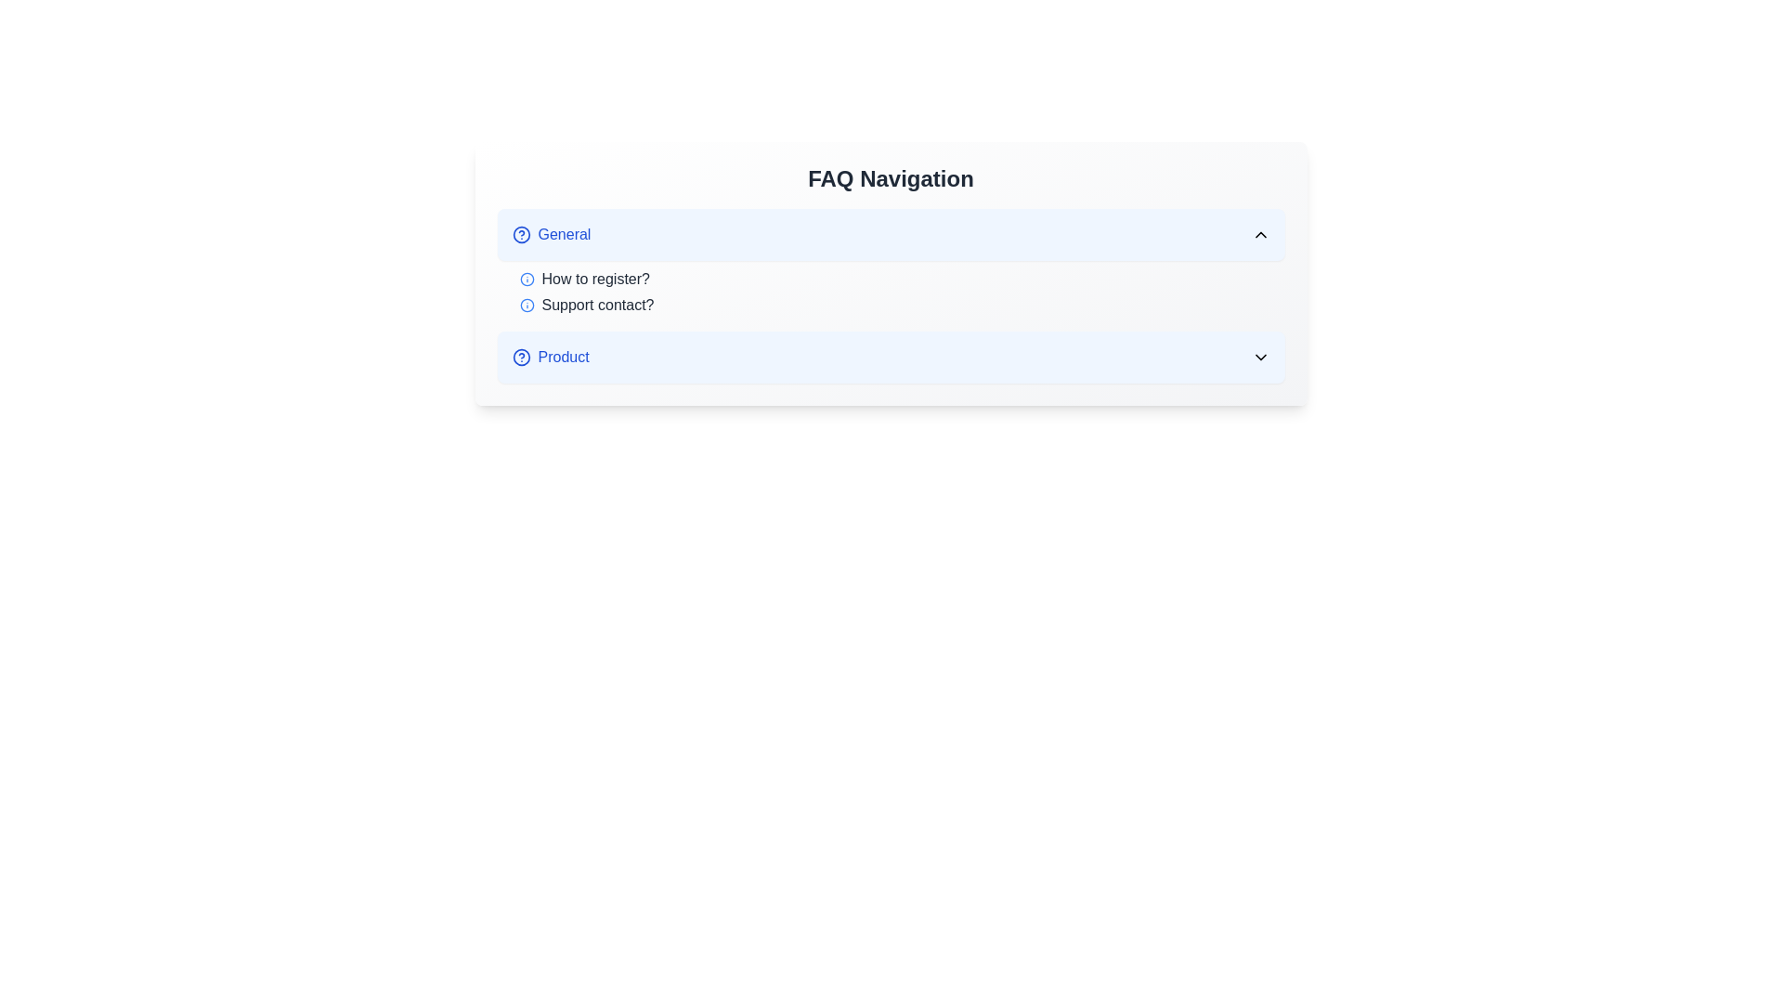 The width and height of the screenshot is (1783, 1003). Describe the element at coordinates (551, 234) in the screenshot. I see `the 'General' category label in the FAQ Navigation menu` at that location.